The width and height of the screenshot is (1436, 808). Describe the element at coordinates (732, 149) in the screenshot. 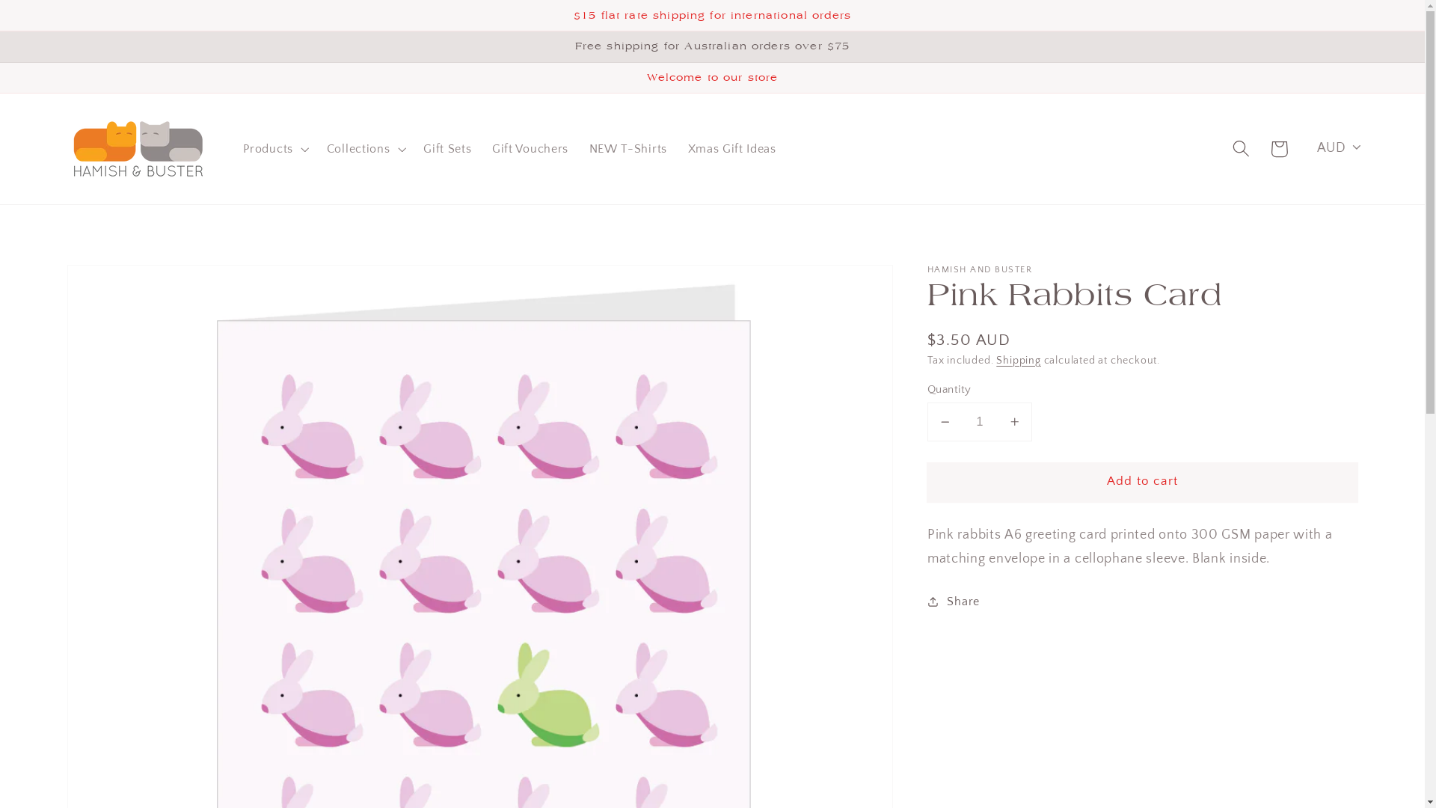

I see `'Xmas Gift Ideas'` at that location.